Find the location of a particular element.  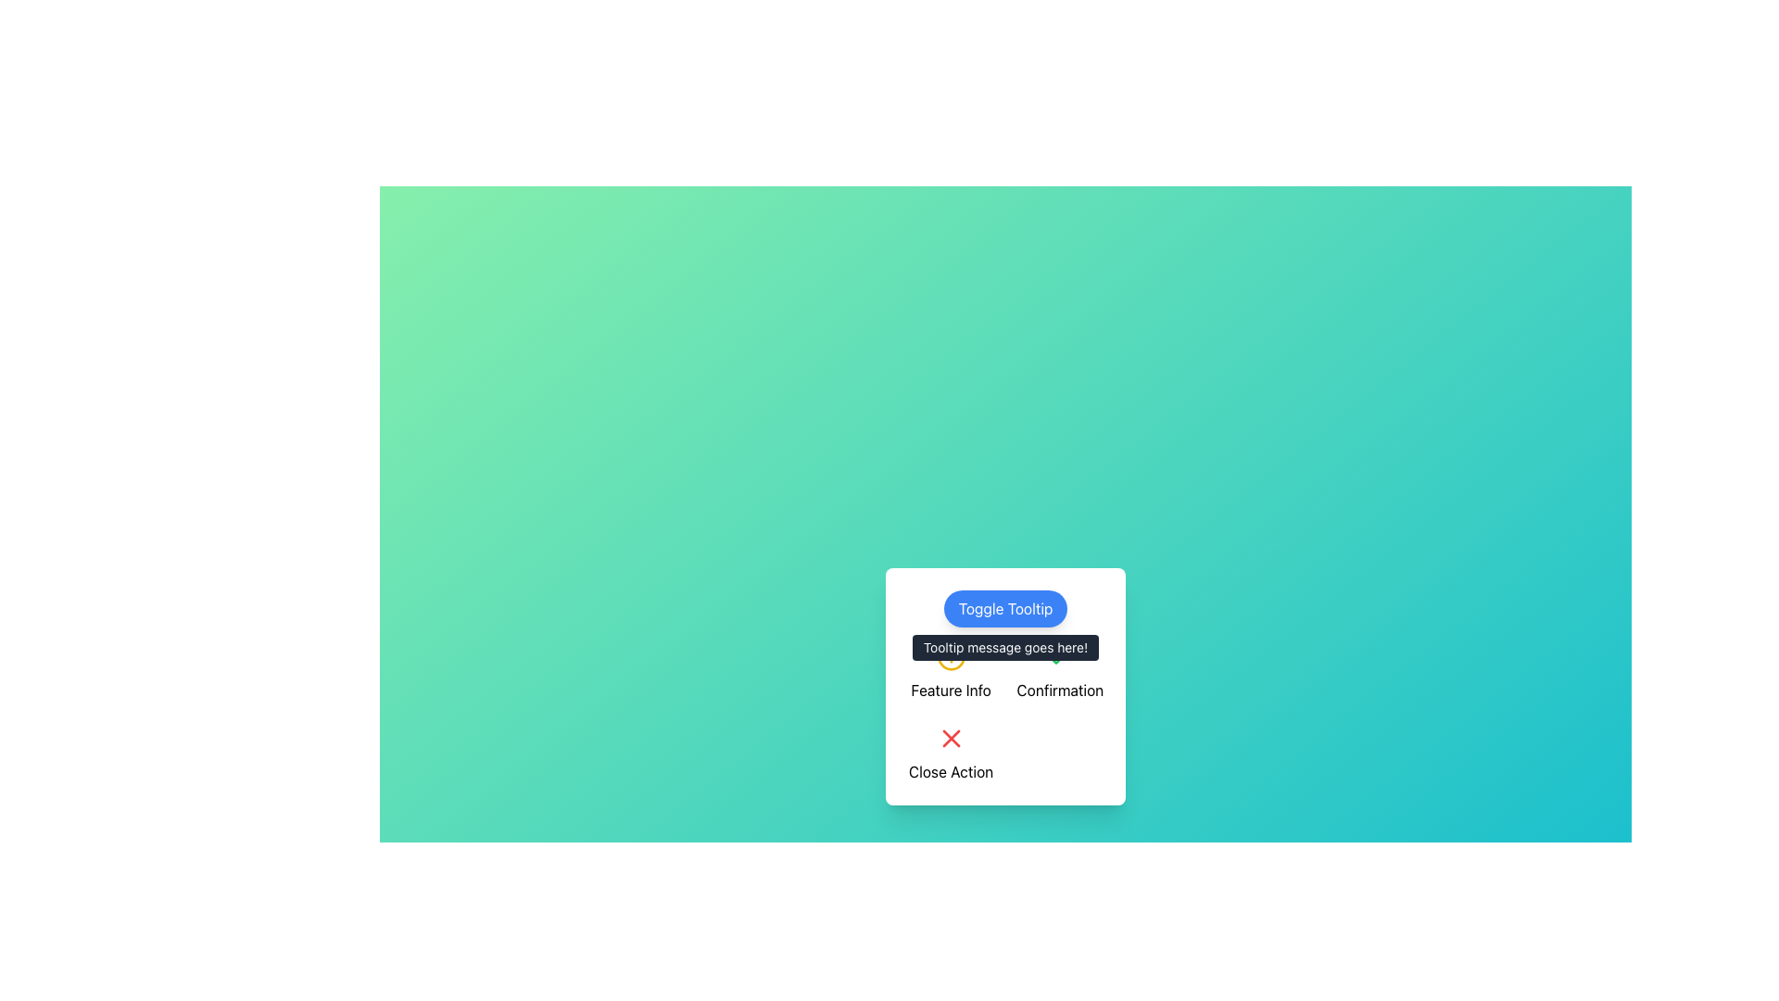

the close or delete icon located beneath 'Feature Info' and 'Confirmation', directly above the text 'Close Action' is located at coordinates (951, 738).